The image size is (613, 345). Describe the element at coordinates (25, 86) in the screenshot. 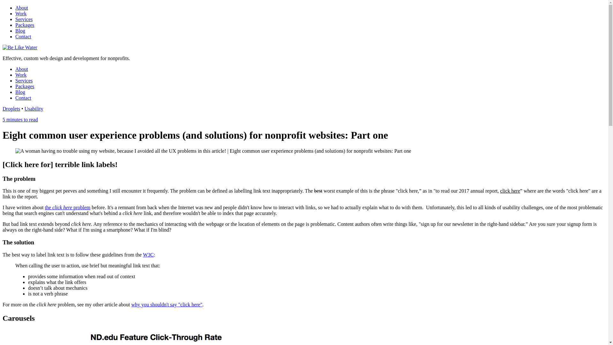

I see `'Packages'` at that location.